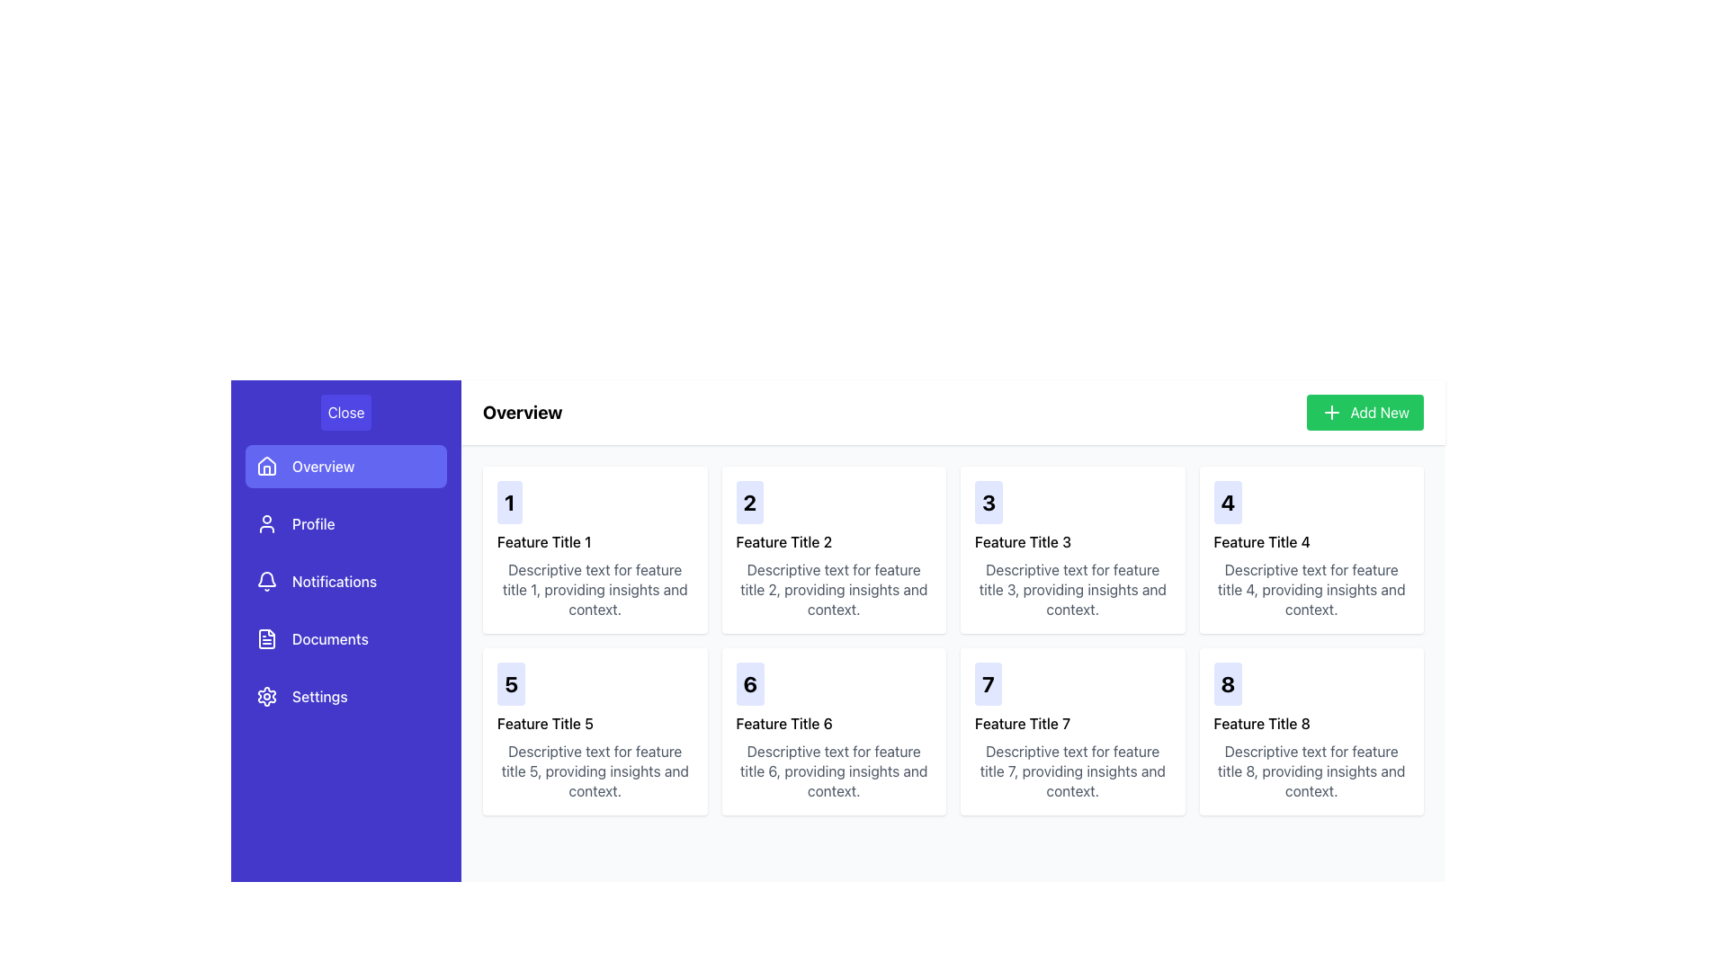 Image resolution: width=1727 pixels, height=971 pixels. Describe the element at coordinates (1072, 589) in the screenshot. I see `the text content styled in gray (#808080) located below 'Feature Title 3' in the white card with rounded corners` at that location.